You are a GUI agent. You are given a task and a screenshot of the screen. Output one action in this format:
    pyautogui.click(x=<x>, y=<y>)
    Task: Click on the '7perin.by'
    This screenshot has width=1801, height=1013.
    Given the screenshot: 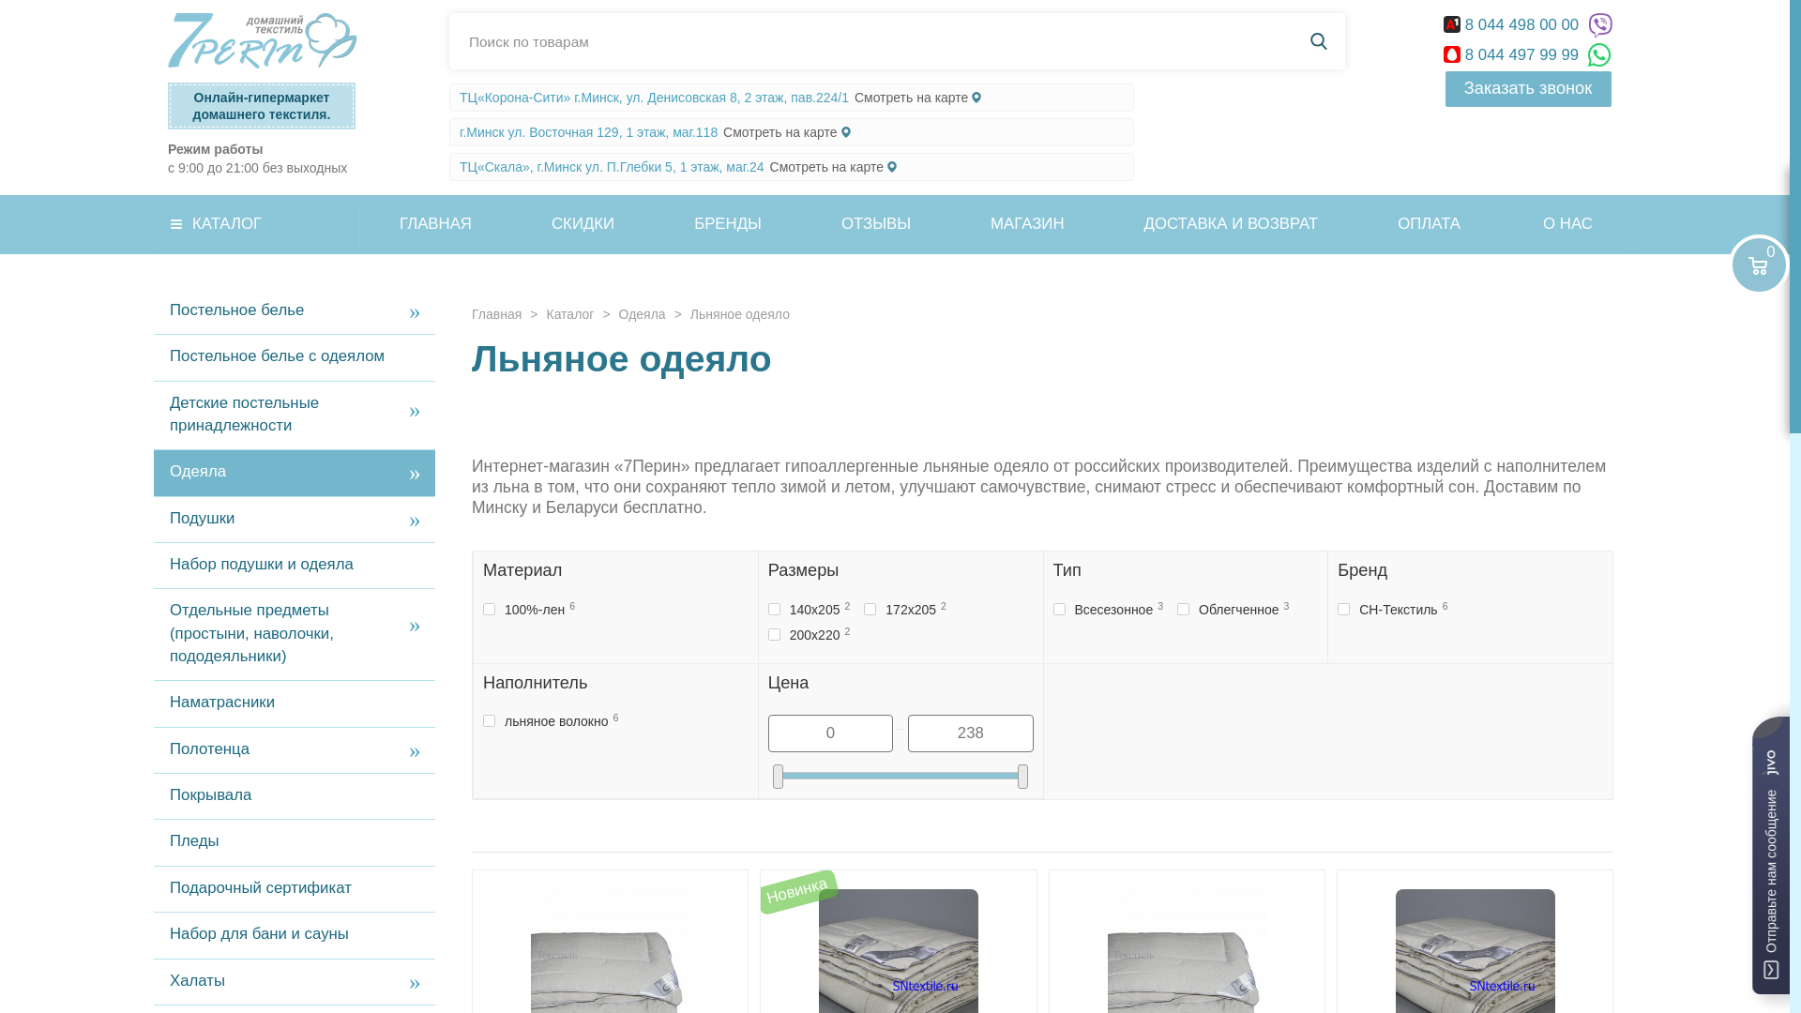 What is the action you would take?
    pyautogui.click(x=261, y=40)
    